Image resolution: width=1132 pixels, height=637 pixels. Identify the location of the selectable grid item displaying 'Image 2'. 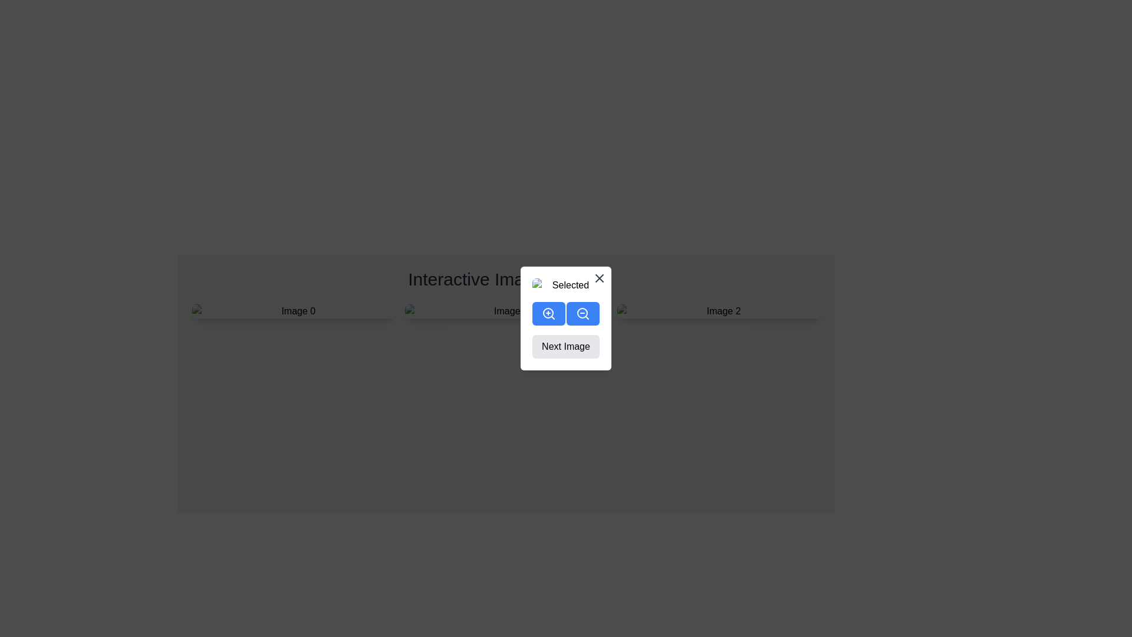
(718, 311).